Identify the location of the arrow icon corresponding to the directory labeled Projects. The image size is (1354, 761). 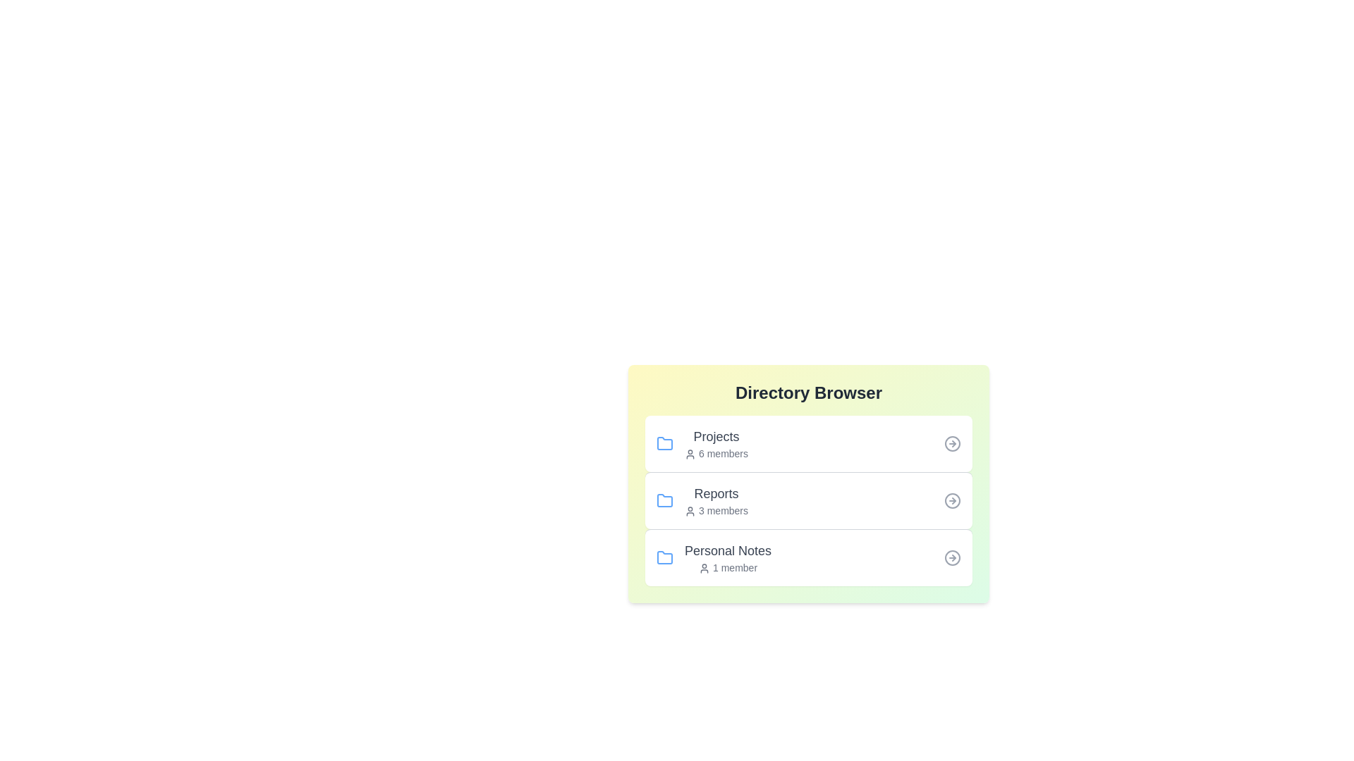
(952, 443).